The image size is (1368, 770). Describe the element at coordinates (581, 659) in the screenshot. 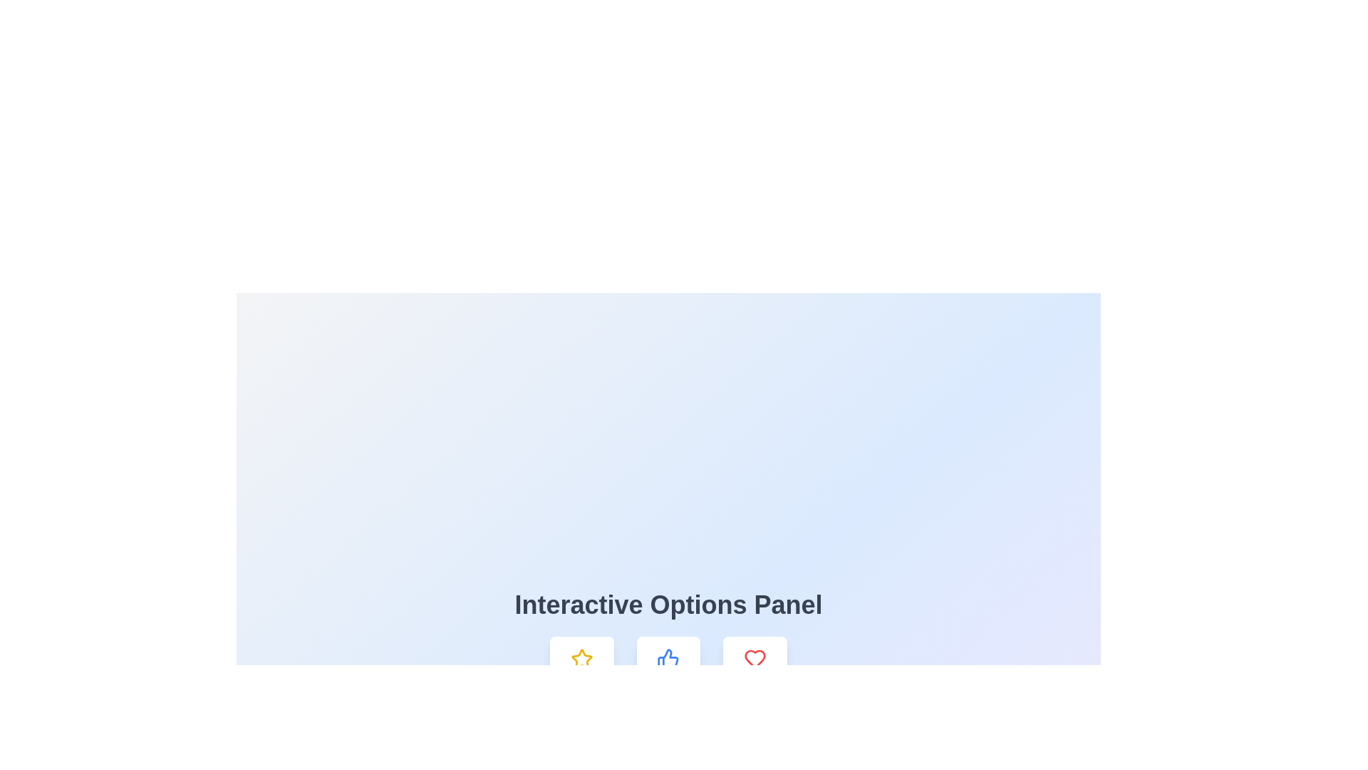

I see `the star icon with a yellow outline located in the interactive options bar beneath the 'Interactive Options Panel'` at that location.